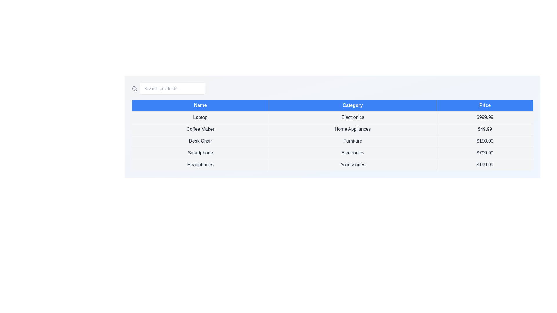 The image size is (557, 313). What do you see at coordinates (332, 153) in the screenshot?
I see `the fourth row in the product information table, which displays 'Smartphone', 'Electronics', and '$799.99'` at bounding box center [332, 153].